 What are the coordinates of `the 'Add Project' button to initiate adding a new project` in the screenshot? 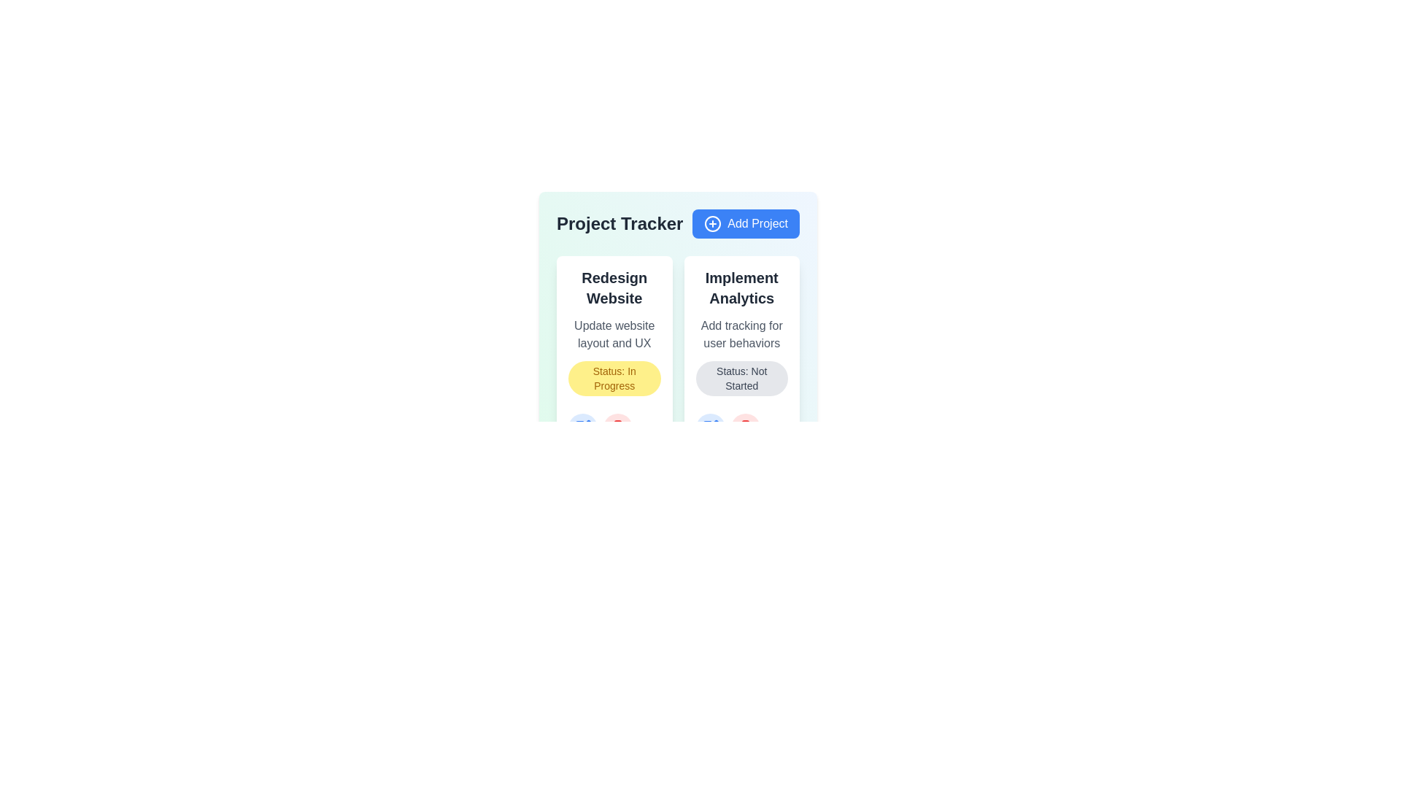 It's located at (746, 224).